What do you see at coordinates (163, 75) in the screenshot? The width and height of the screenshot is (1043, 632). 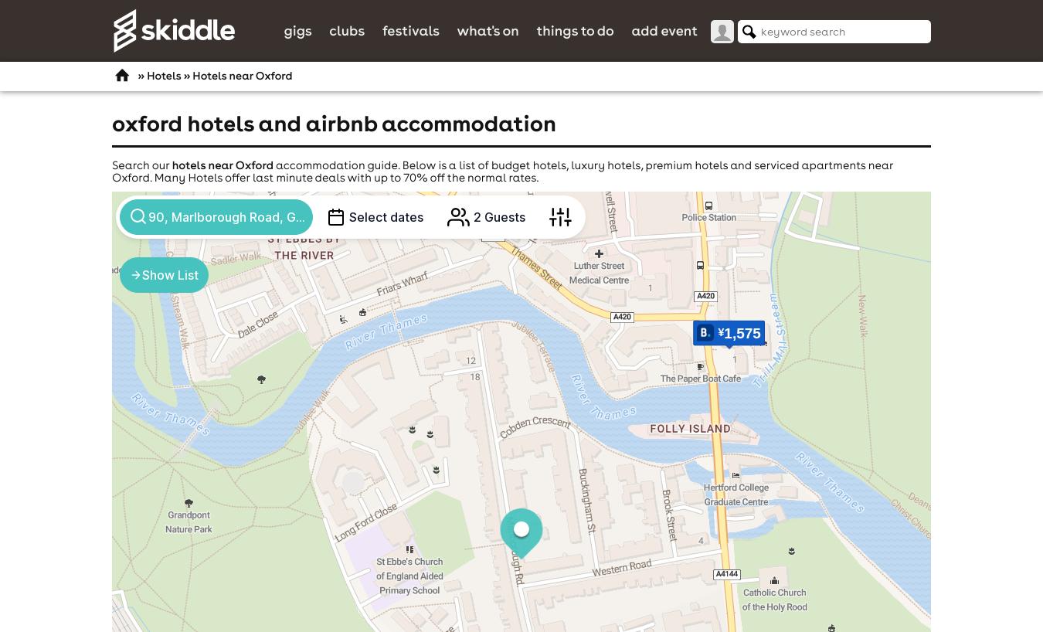 I see `'Hotels'` at bounding box center [163, 75].